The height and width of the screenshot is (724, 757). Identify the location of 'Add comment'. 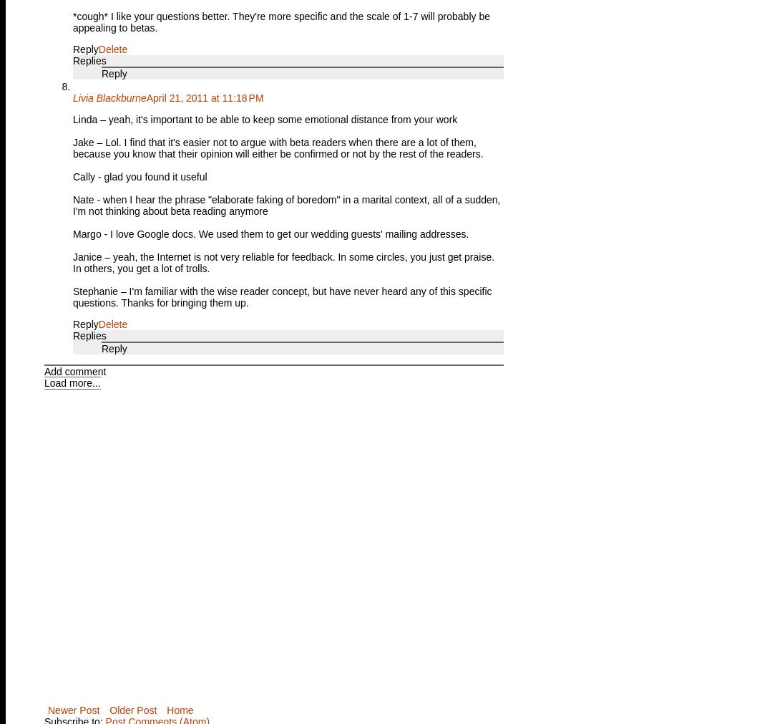
(74, 372).